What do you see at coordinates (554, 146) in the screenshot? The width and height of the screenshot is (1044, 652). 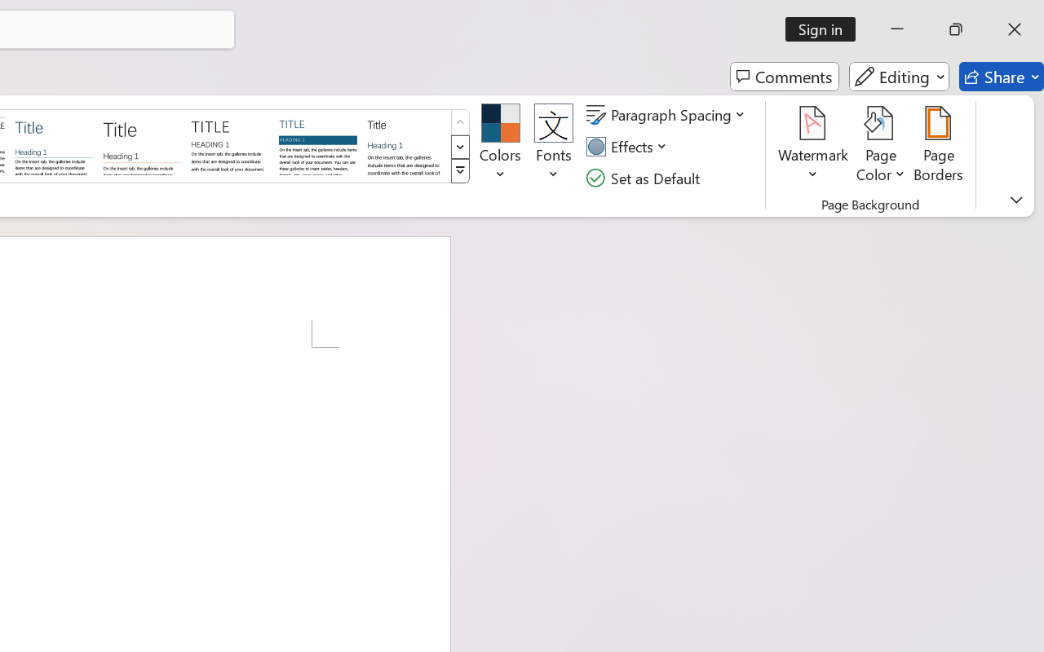 I see `'Fonts'` at bounding box center [554, 146].